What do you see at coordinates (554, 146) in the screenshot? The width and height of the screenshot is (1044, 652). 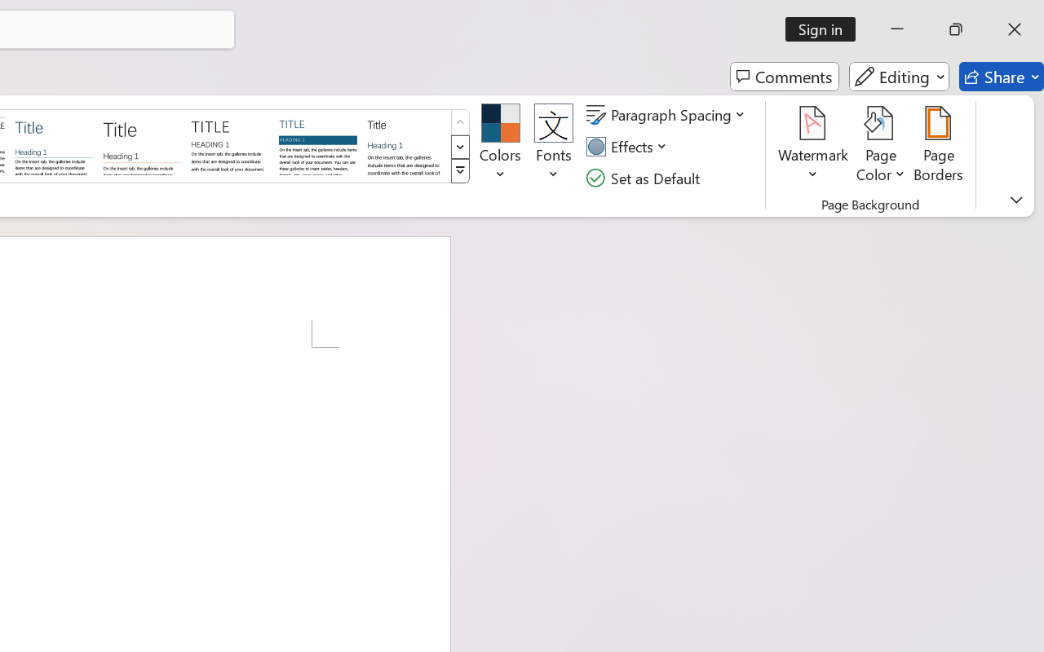 I see `'Fonts'` at bounding box center [554, 146].